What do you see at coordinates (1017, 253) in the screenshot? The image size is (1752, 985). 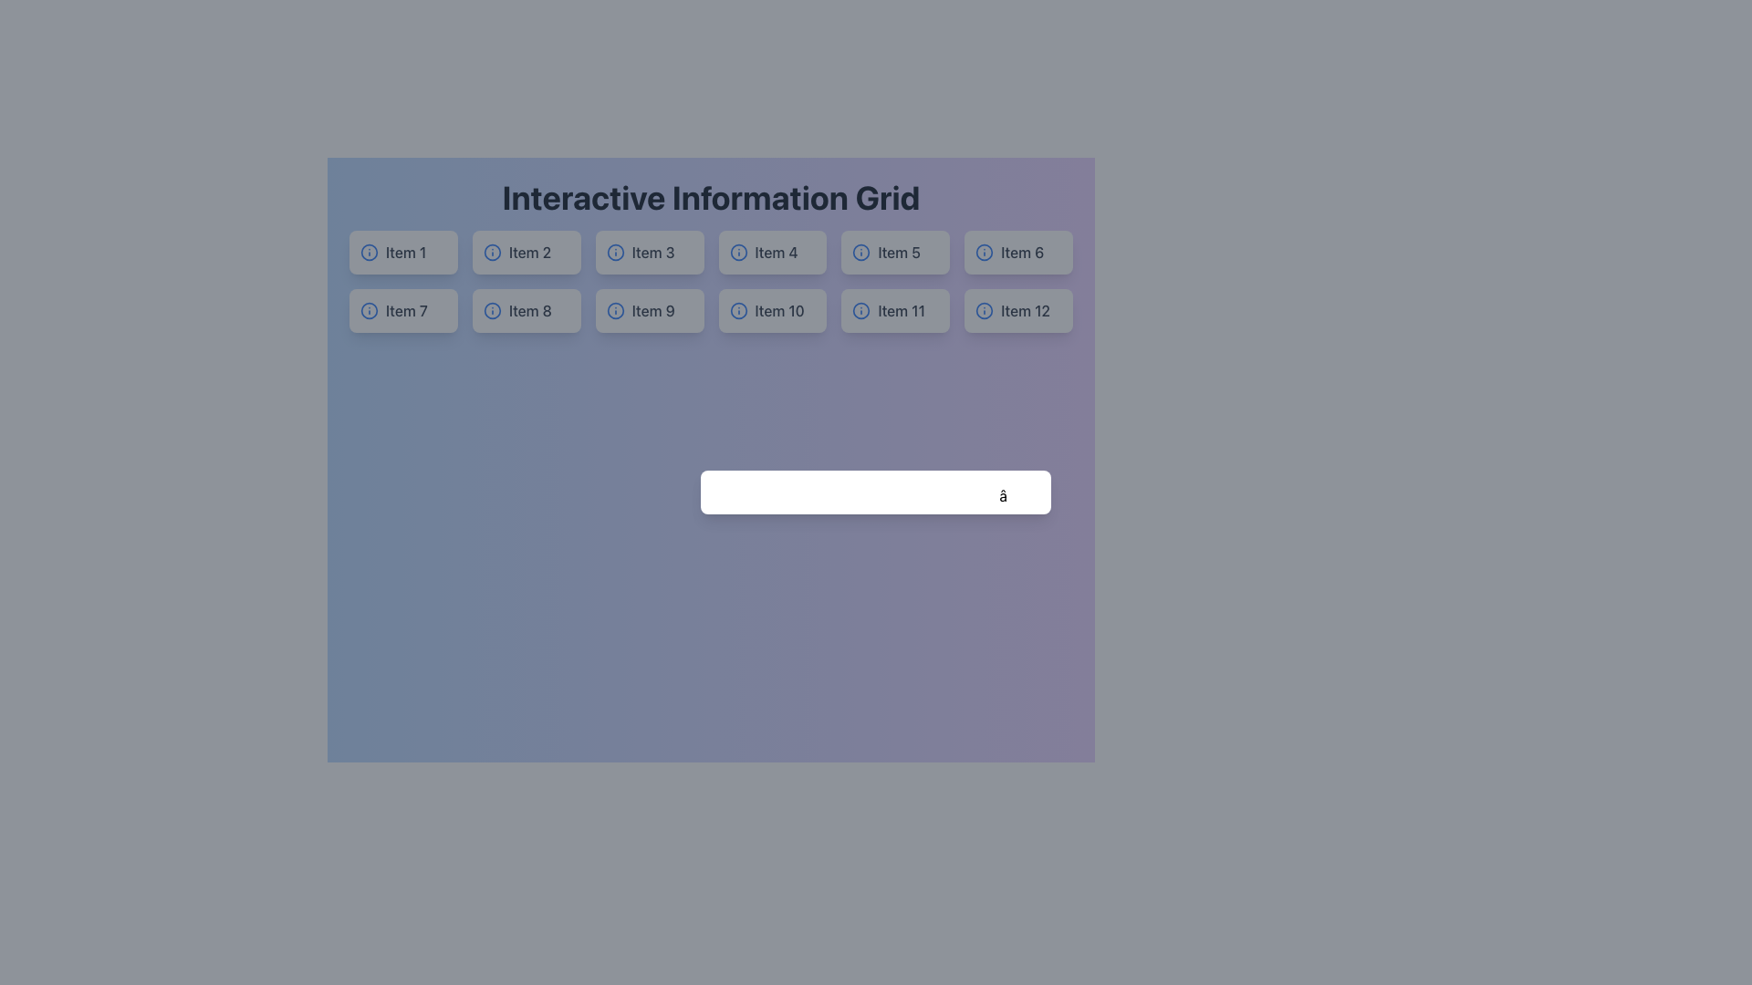 I see `the interactive button associated with 'Item 6' in the 'Interactive Information Grid'` at bounding box center [1017, 253].